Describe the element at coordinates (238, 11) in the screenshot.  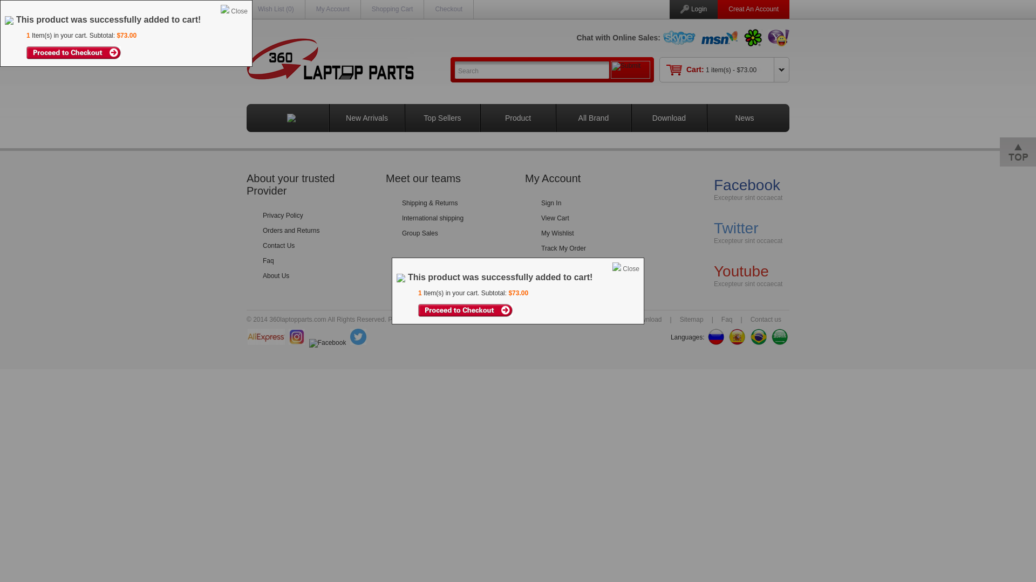
I see `'Close'` at that location.